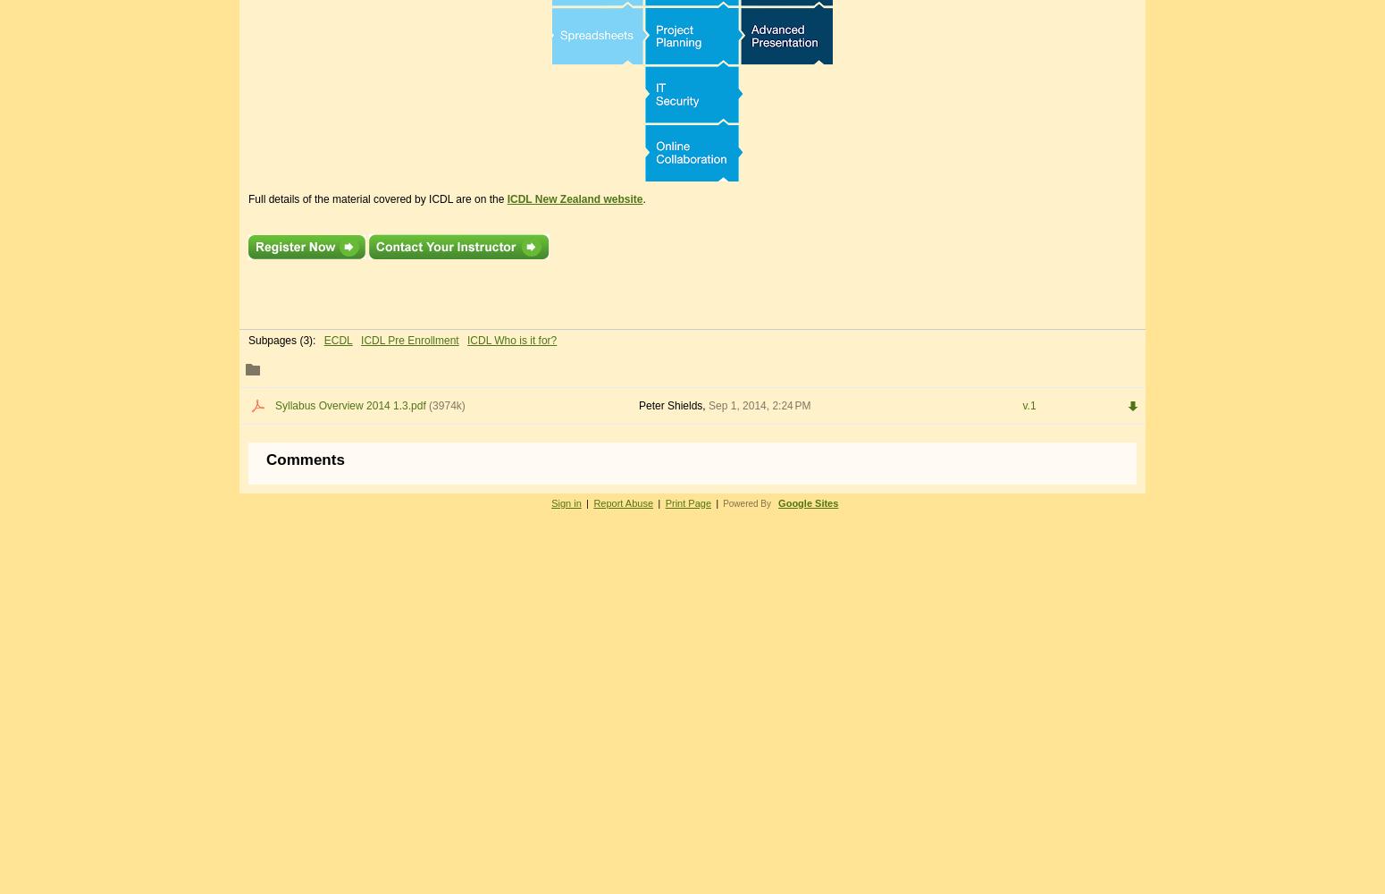 This screenshot has height=894, width=1385. I want to click on 'Report Abuse', so click(622, 502).